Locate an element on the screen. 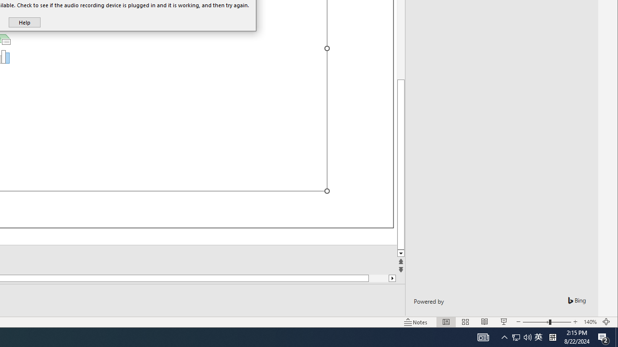  'Zoom 140%' is located at coordinates (590, 322).